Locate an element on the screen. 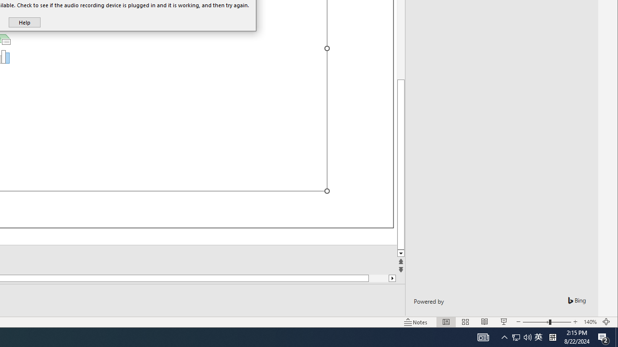  'Zoom 140%' is located at coordinates (590, 322).